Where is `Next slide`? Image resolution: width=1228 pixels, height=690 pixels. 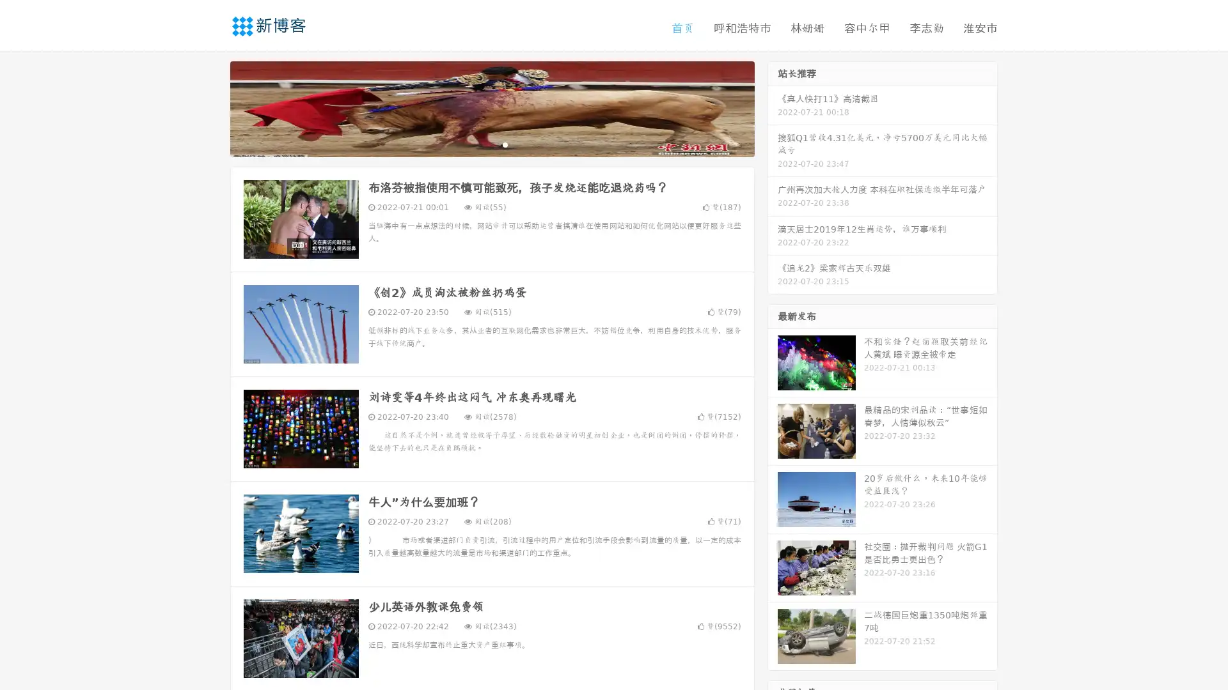 Next slide is located at coordinates (773, 107).